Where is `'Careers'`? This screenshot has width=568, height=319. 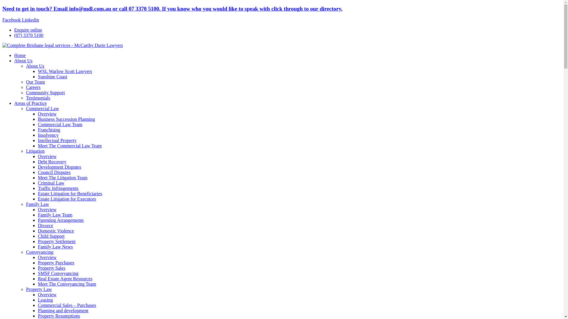
'Careers' is located at coordinates (33, 87).